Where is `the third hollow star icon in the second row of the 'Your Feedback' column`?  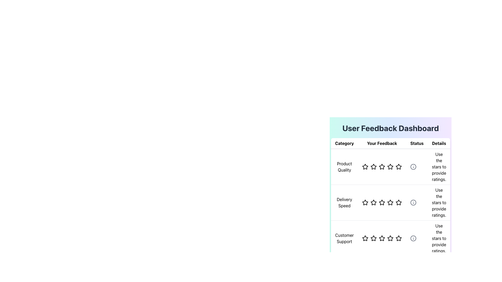 the third hollow star icon in the second row of the 'Your Feedback' column is located at coordinates (373, 202).